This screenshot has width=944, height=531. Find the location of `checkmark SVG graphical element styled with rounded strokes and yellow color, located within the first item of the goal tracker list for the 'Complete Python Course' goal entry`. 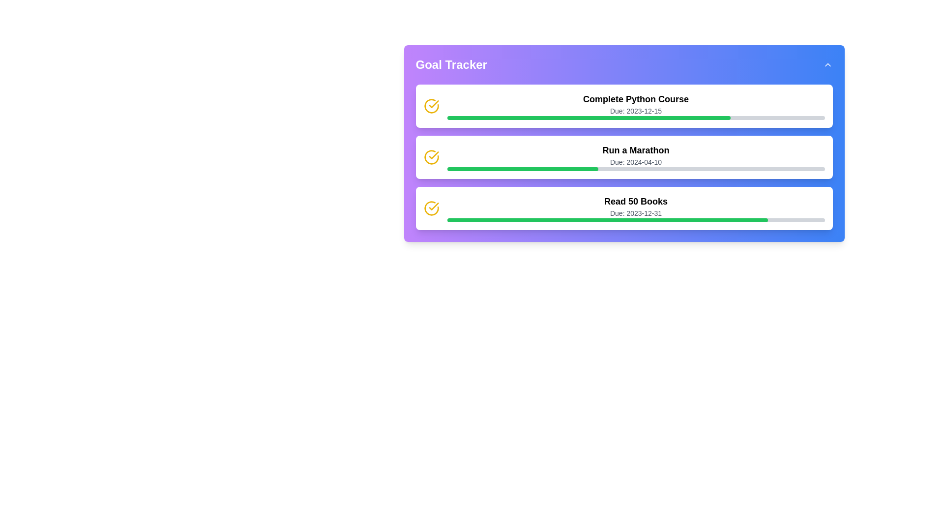

checkmark SVG graphical element styled with rounded strokes and yellow color, located within the first item of the goal tracker list for the 'Complete Python Course' goal entry is located at coordinates (433, 206).